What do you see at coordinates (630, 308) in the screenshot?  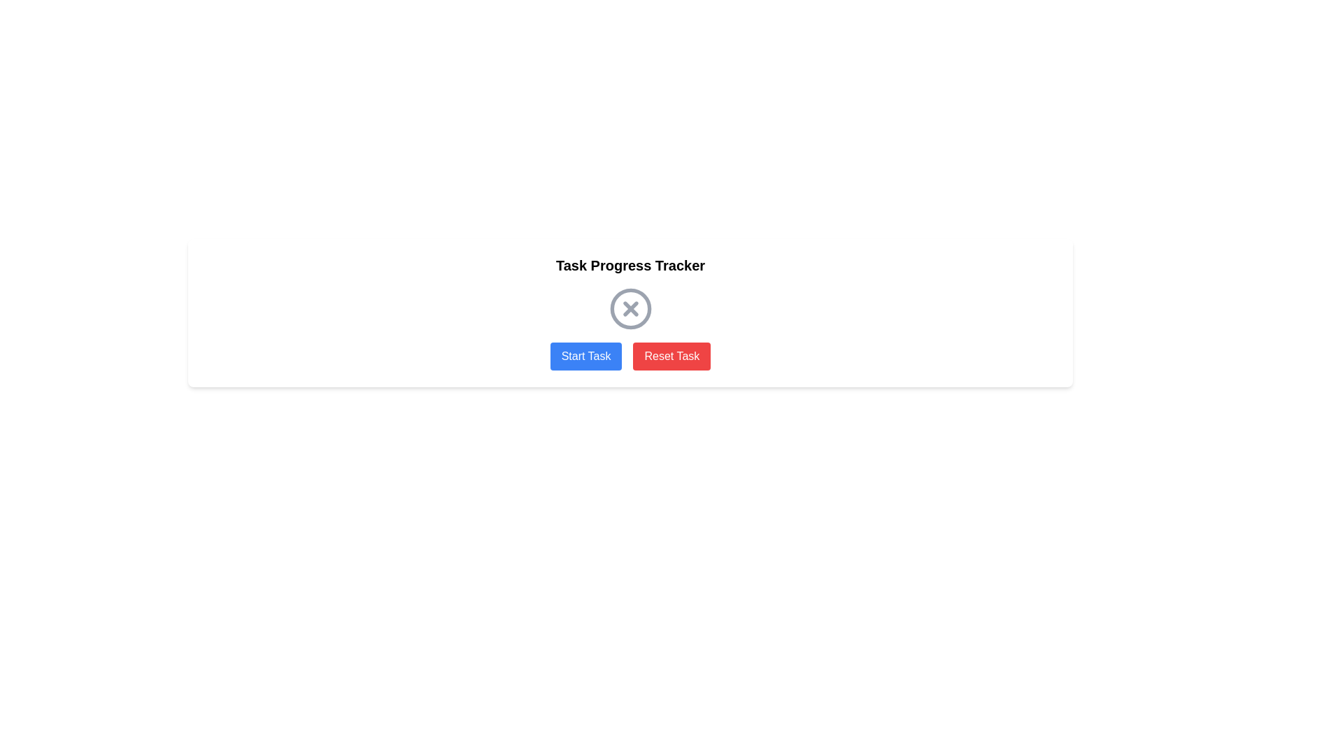 I see `the circular 'X' icon indicating a 'cancel' operation, which is positioned below the 'Task Progress Tracker' text and above the 'Start Task' and 'Reset Task' buttons` at bounding box center [630, 308].